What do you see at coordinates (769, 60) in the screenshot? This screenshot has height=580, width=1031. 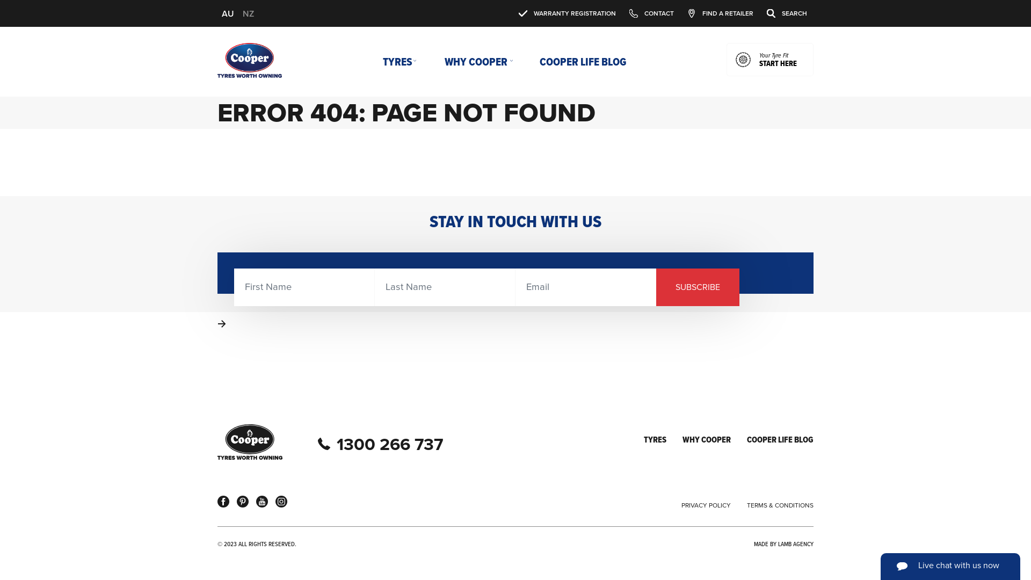 I see `'Your Tyre Fit` at bounding box center [769, 60].